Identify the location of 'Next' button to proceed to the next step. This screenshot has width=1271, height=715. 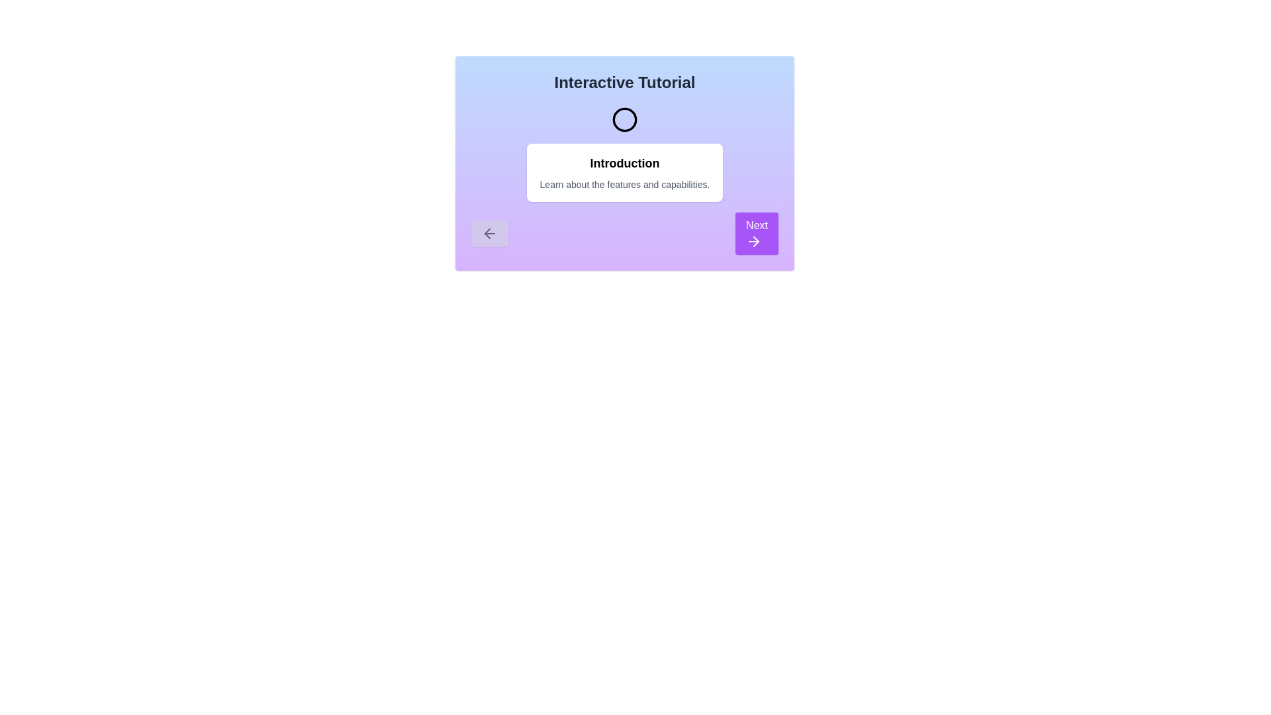
(757, 233).